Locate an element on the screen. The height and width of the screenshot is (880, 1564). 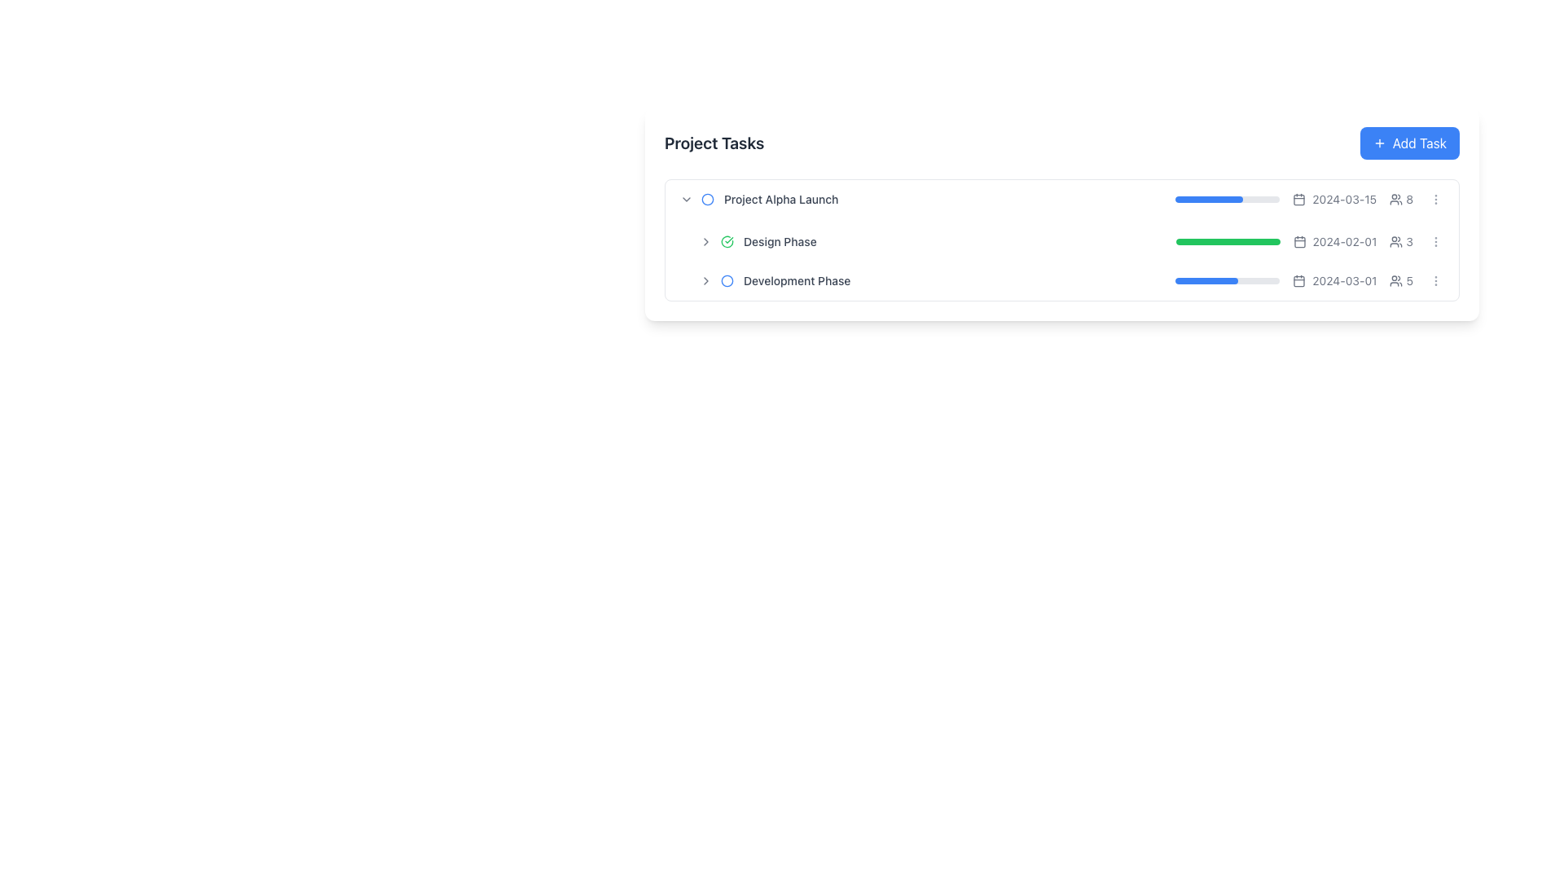
the calendar icon representing the date picker for the task on the left of the date '2024-02-01' in the second task row is located at coordinates (1298, 242).